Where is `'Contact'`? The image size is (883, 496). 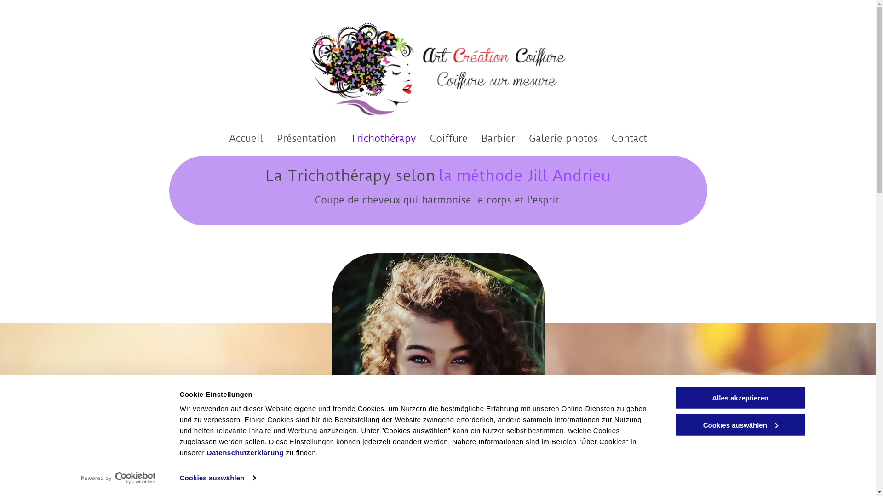 'Contact' is located at coordinates (605, 138).